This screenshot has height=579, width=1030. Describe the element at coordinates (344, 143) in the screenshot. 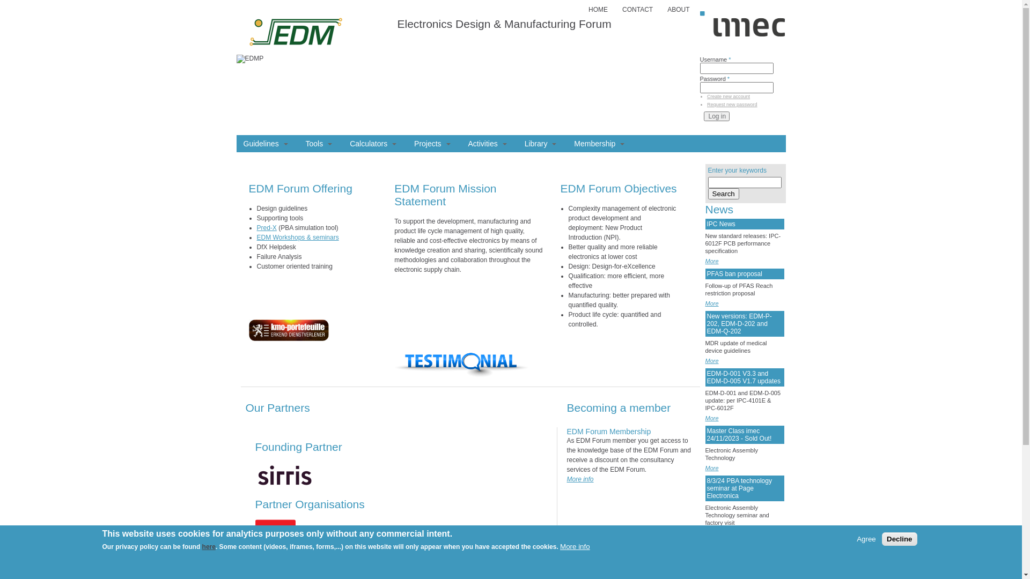

I see `'Calculators'` at that location.